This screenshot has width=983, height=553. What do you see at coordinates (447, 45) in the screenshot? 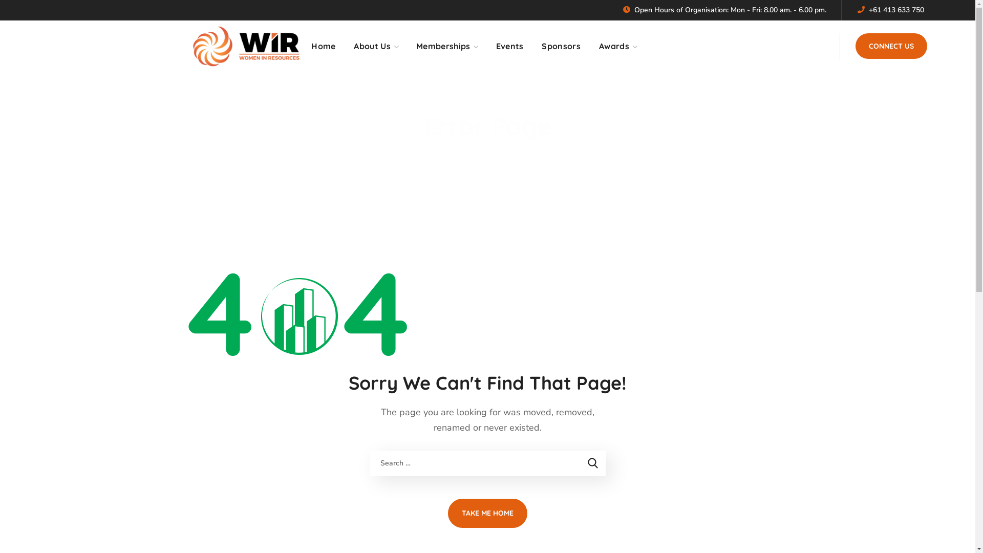
I see `'Memberships'` at bounding box center [447, 45].